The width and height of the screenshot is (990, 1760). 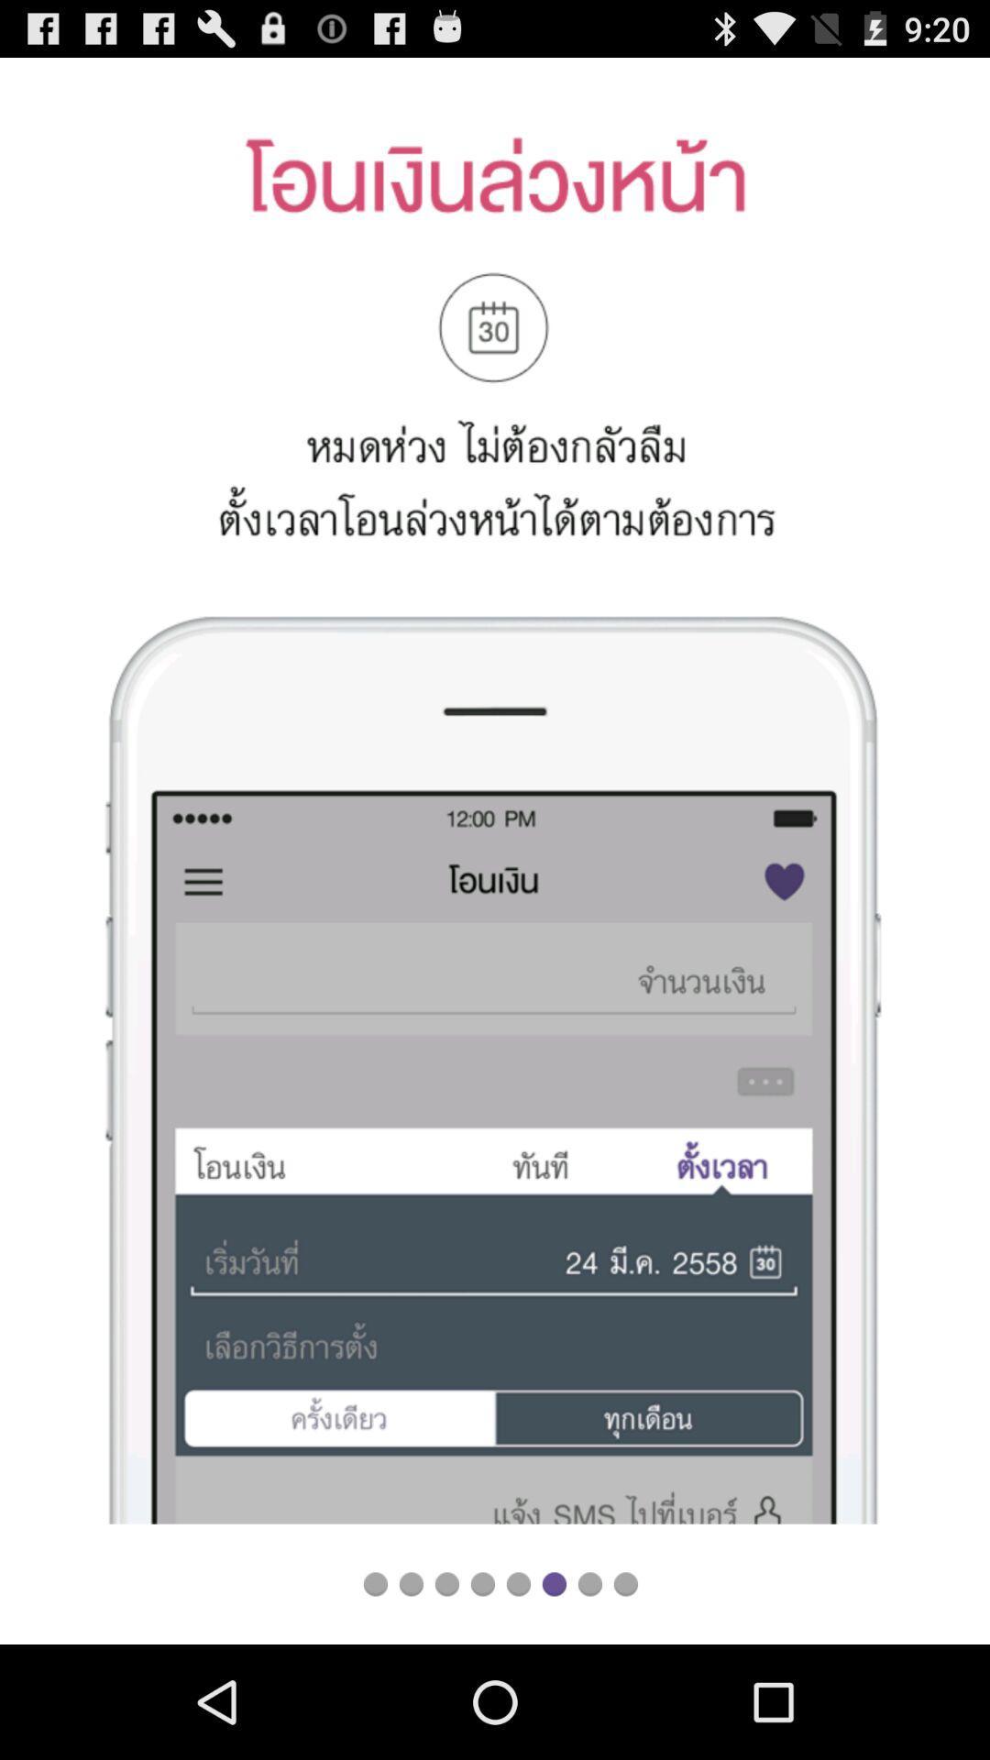 I want to click on page one, so click(x=374, y=1583).